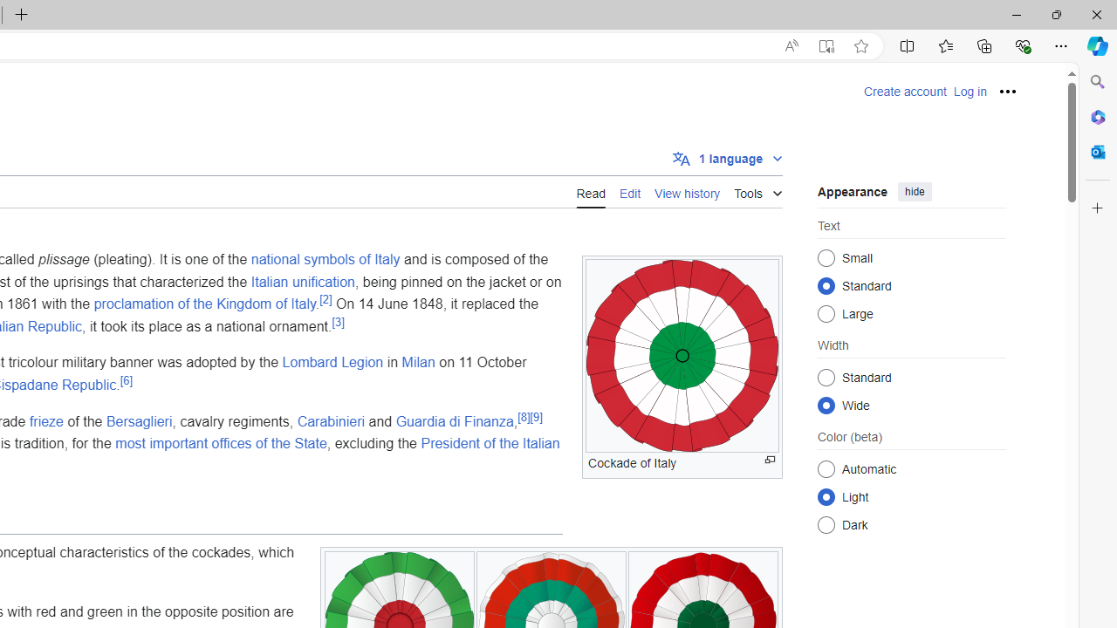 The height and width of the screenshot is (628, 1117). I want to click on 'Lombard Legion', so click(332, 361).